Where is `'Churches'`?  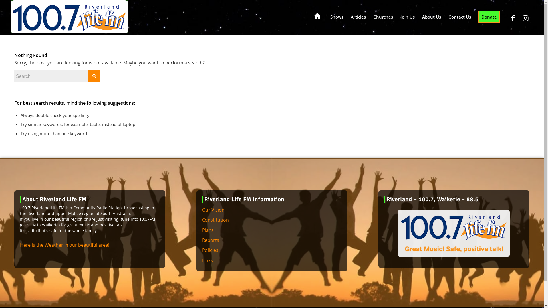 'Churches' is located at coordinates (383, 16).